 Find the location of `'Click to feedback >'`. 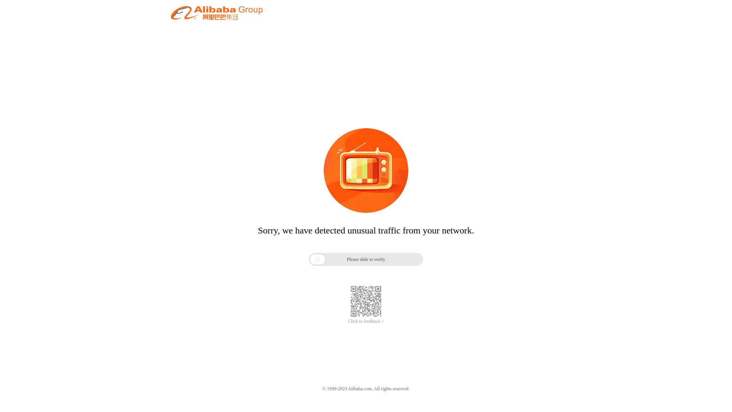

'Click to feedback >' is located at coordinates (366, 321).